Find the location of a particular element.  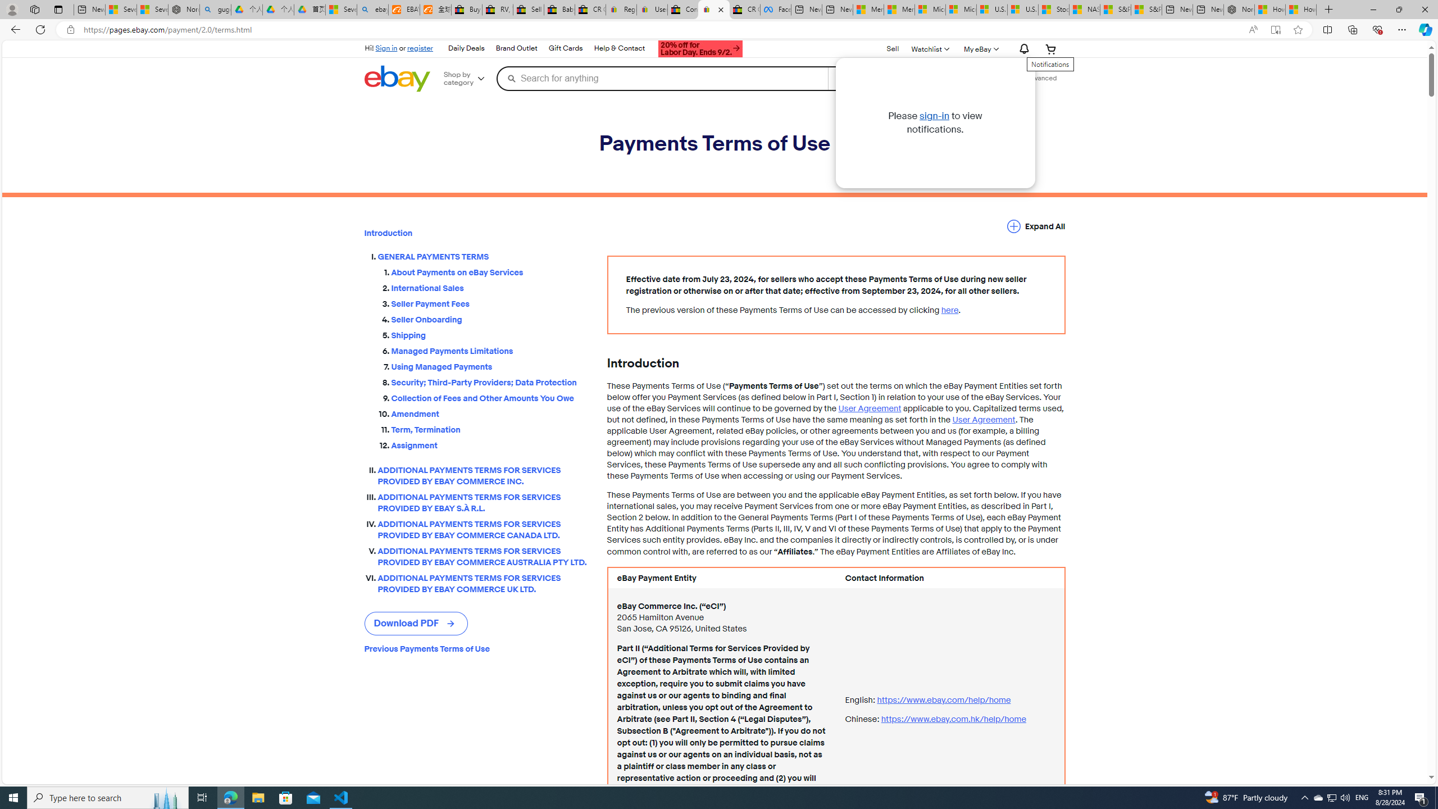

'Sell' is located at coordinates (893, 48).